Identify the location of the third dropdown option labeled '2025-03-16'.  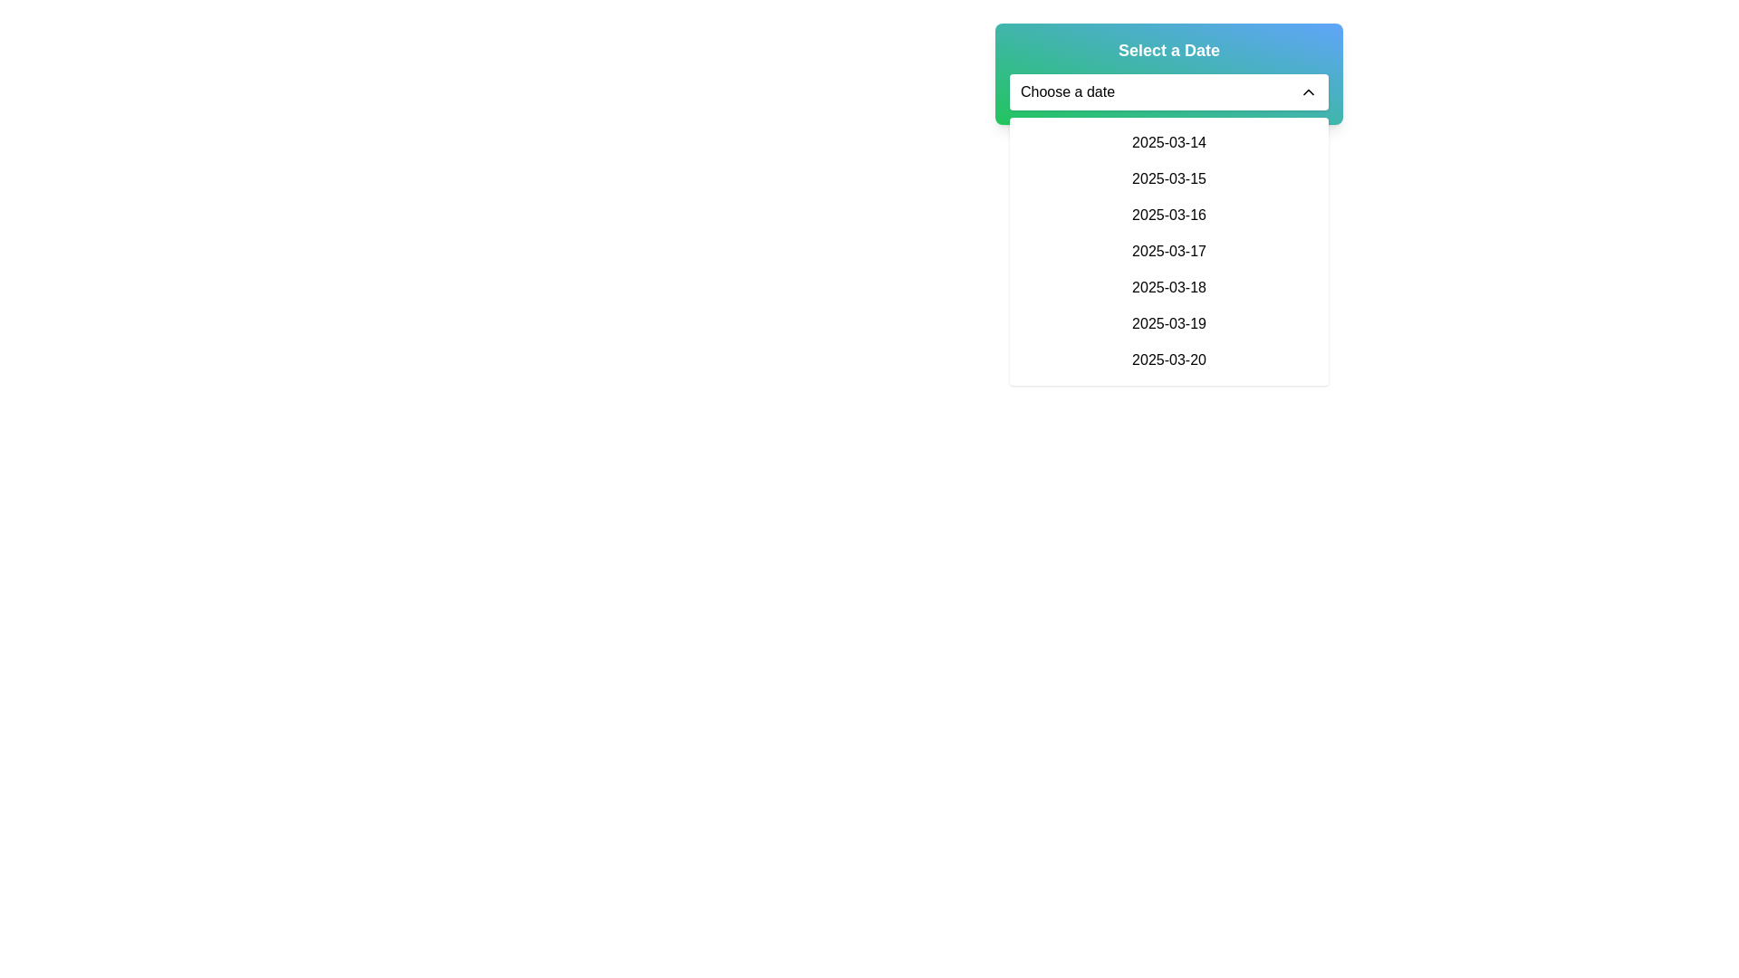
(1169, 215).